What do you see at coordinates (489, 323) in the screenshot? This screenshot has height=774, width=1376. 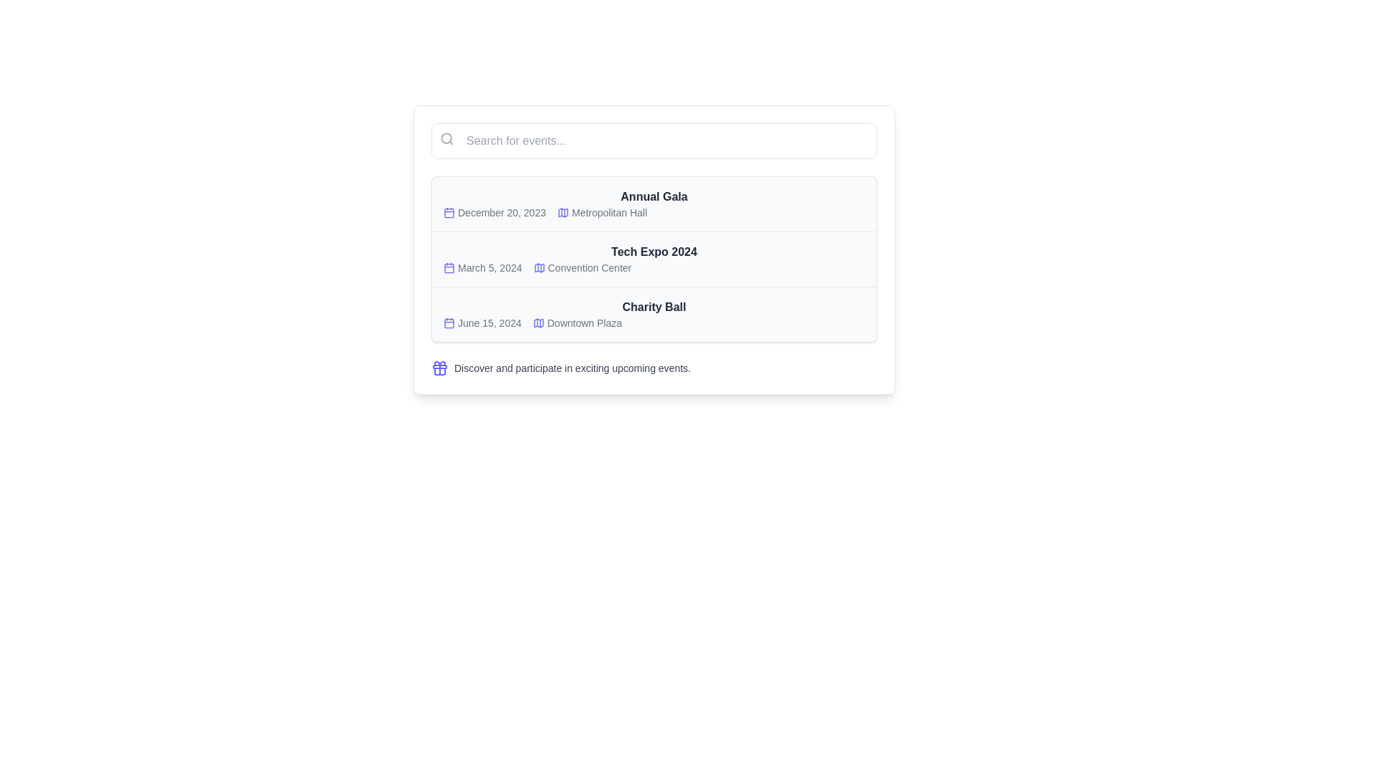 I see `the text label displaying 'June 15, 2024', which is centrally placed in the event list panel under 'Charity Ball'` at bounding box center [489, 323].